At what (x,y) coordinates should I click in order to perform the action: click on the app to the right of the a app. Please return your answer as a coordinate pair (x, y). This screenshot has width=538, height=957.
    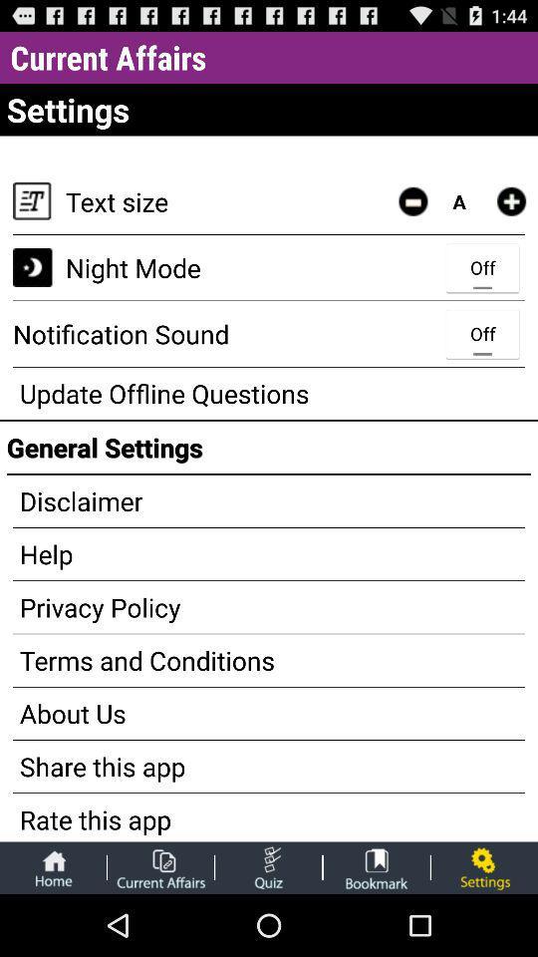
    Looking at the image, I should click on (511, 201).